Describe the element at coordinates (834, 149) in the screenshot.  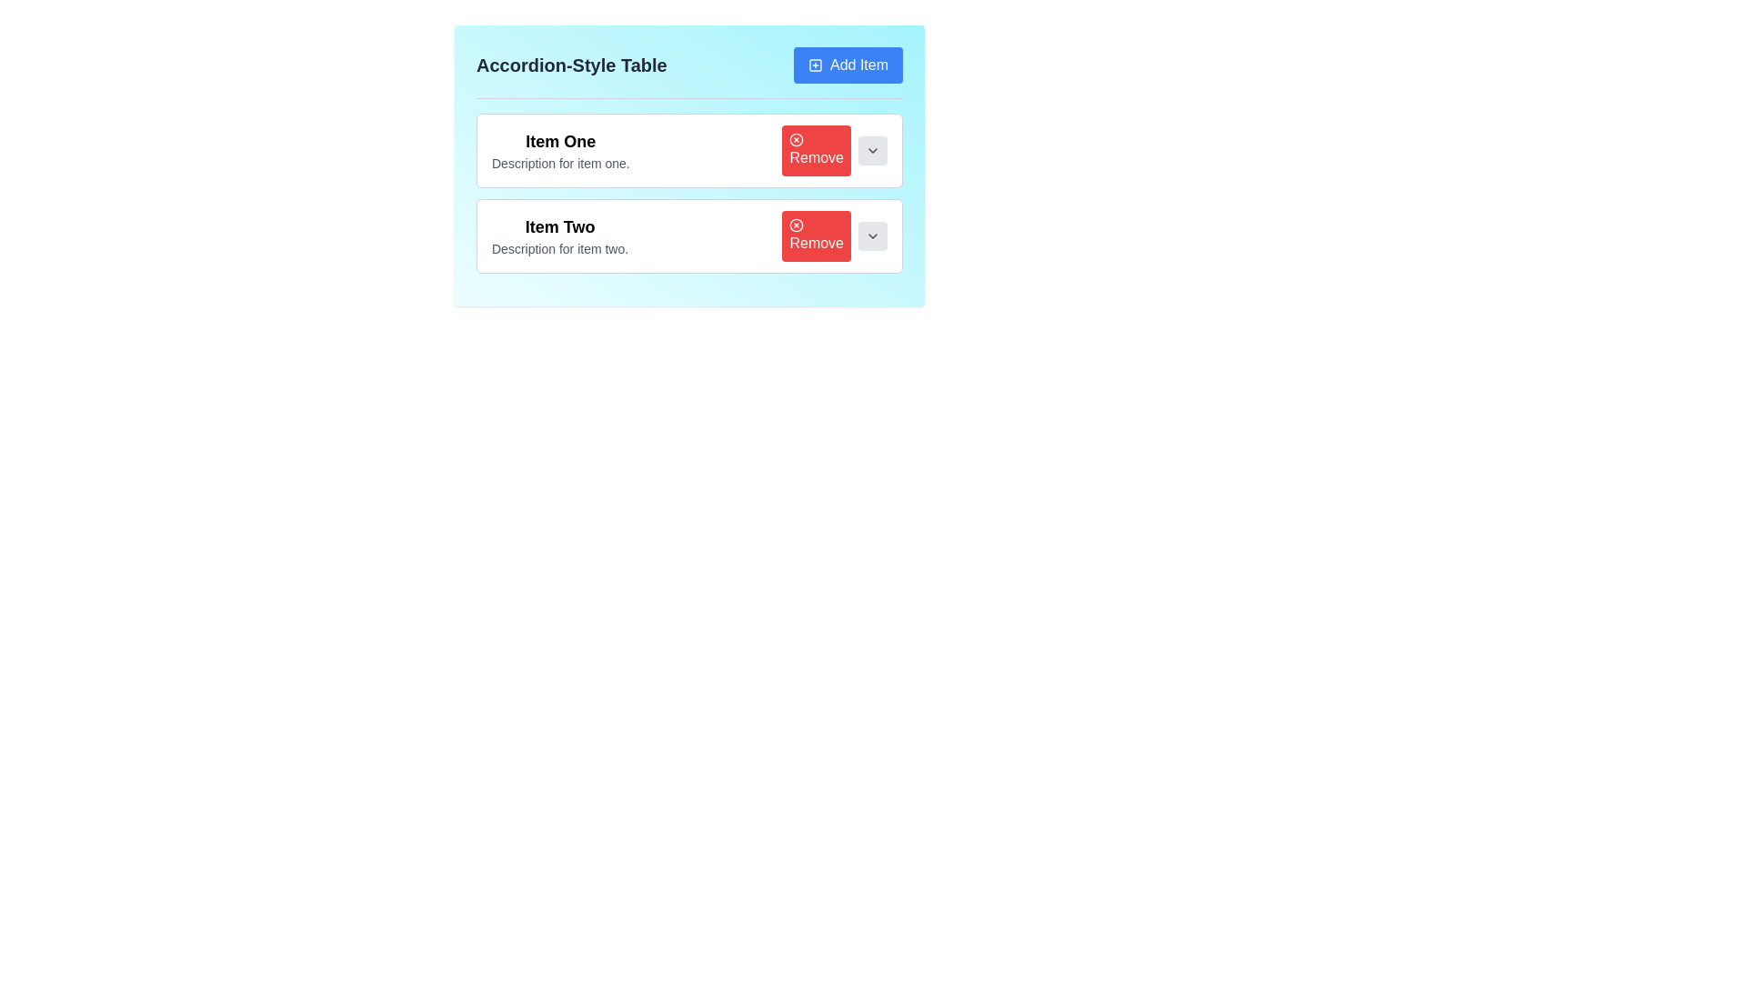
I see `the red rectangular 'Remove' button with a white cross icon located in the 'Item One' section, adjacent to the description text 'Description for item one.'` at that location.